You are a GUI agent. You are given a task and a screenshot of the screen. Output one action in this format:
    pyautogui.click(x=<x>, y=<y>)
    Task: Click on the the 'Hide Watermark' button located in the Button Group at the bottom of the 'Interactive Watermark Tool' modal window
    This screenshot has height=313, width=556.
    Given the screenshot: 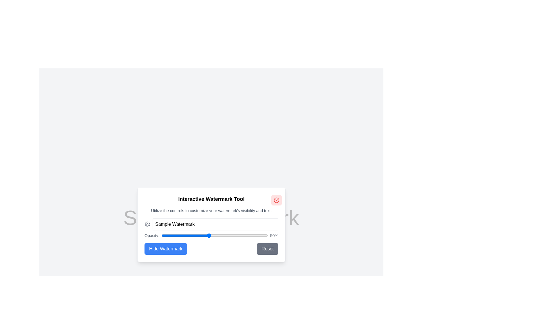 What is the action you would take?
    pyautogui.click(x=211, y=249)
    